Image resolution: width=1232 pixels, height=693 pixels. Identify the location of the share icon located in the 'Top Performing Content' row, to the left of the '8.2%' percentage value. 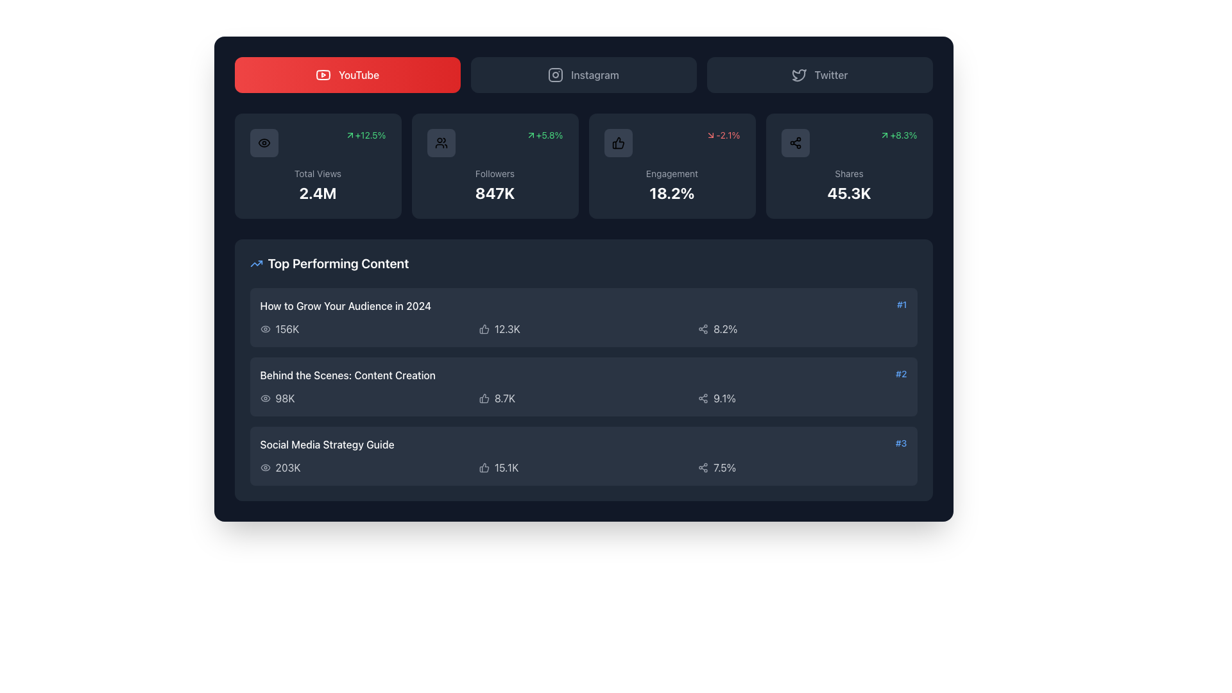
(703, 329).